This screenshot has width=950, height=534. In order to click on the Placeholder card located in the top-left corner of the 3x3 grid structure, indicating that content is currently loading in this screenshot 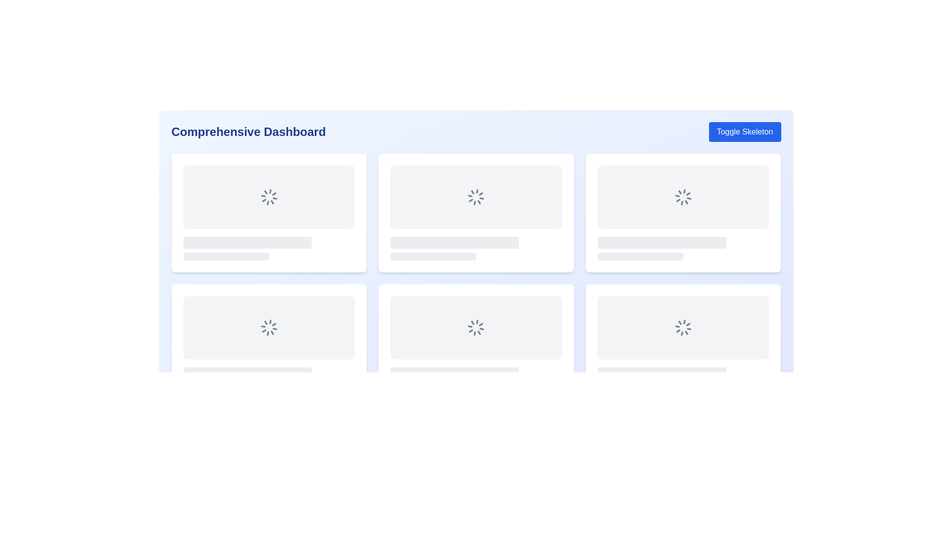, I will do `click(269, 213)`.